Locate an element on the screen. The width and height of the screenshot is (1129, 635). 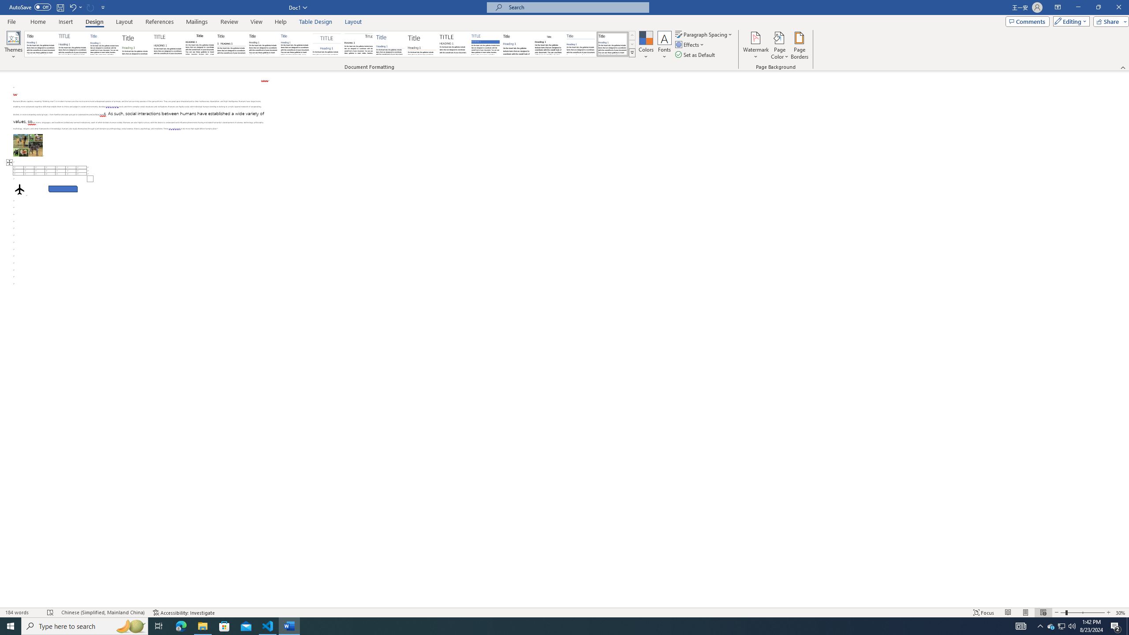
'Casual' is located at coordinates (295, 44).